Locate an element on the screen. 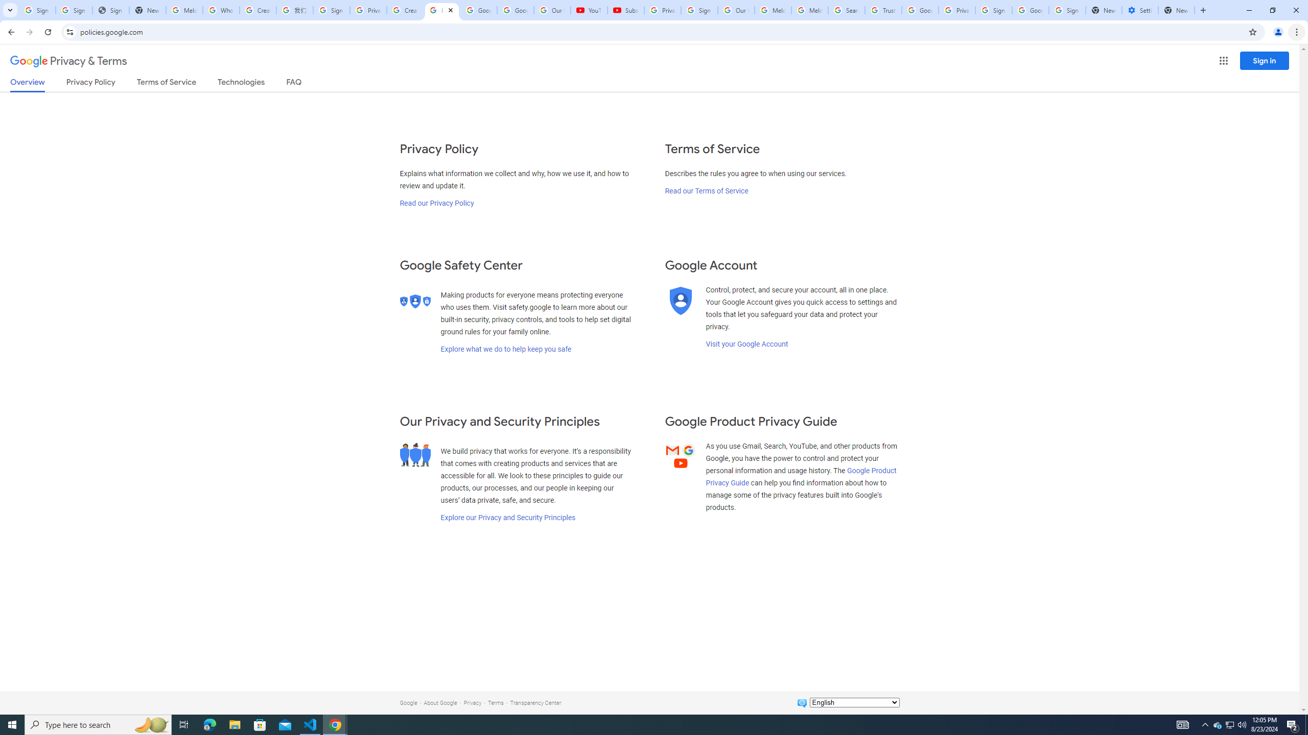  'YouTube' is located at coordinates (589, 10).